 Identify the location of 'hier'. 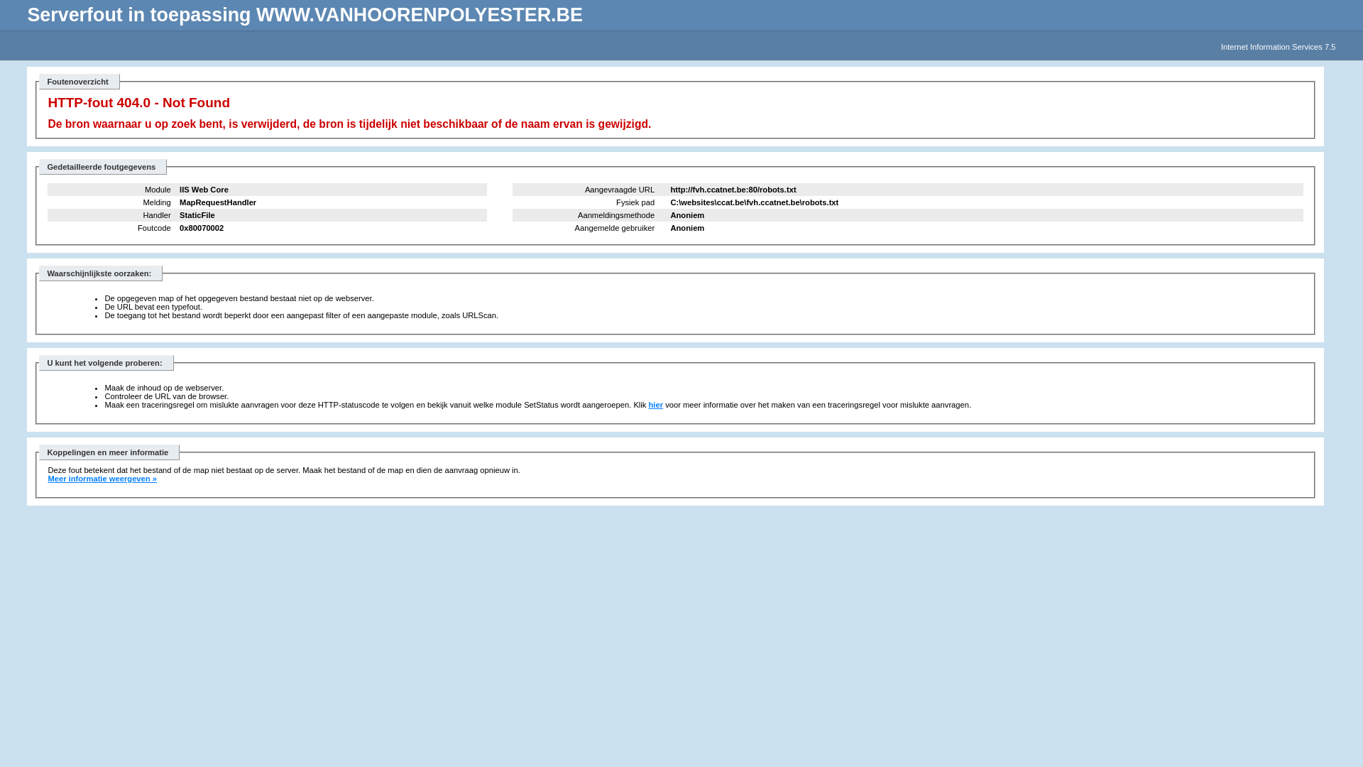
(647, 405).